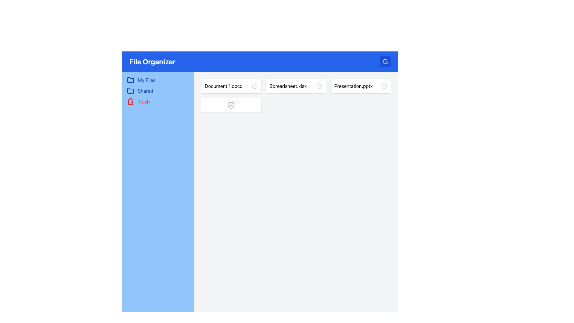 The height and width of the screenshot is (323, 574). Describe the element at coordinates (152, 61) in the screenshot. I see `the 'File Organizer' text label located in the top navigation bar, styled with a bold and large white font on a blue background` at that location.